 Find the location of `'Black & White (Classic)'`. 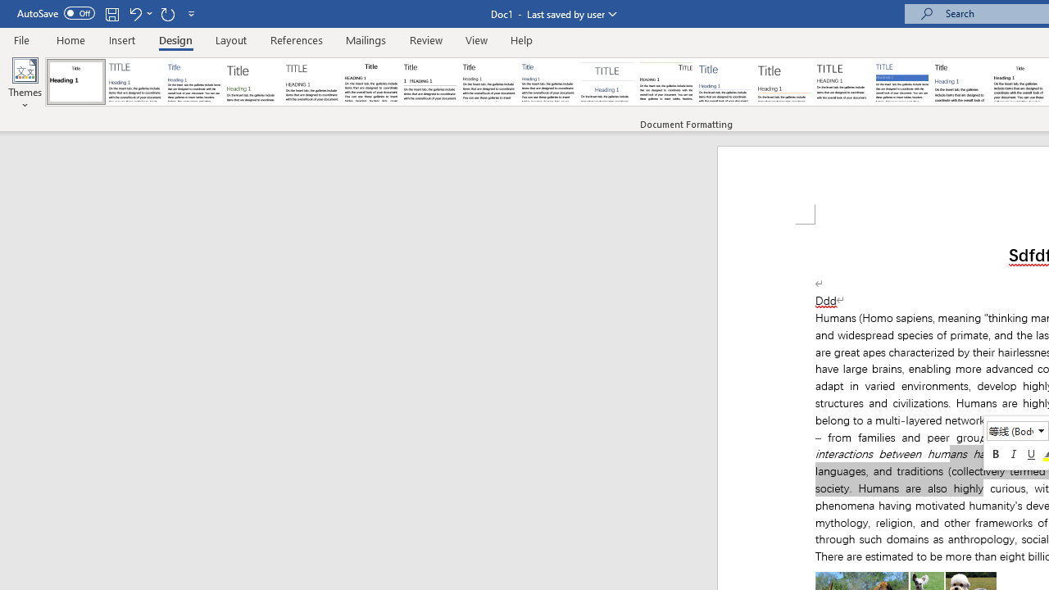

'Black & White (Classic)' is located at coordinates (370, 82).